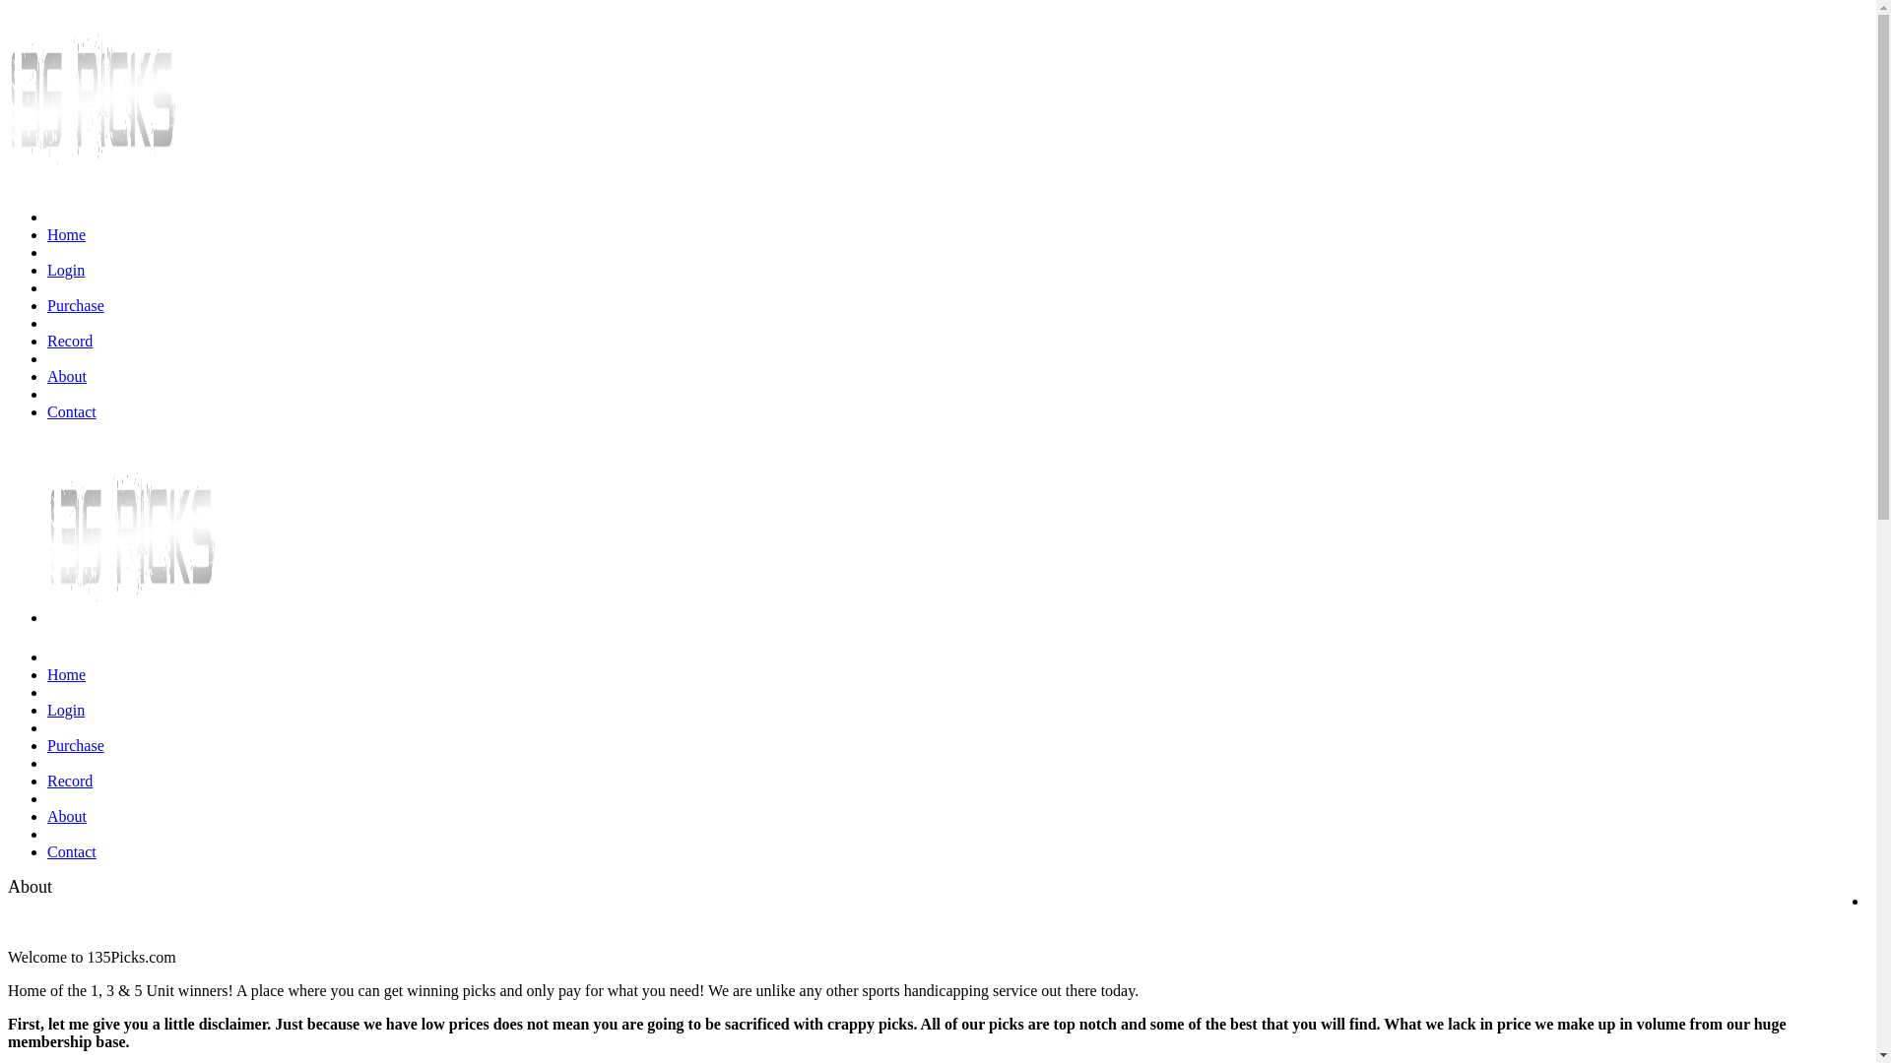 The height and width of the screenshot is (1063, 1891). What do you see at coordinates (66, 270) in the screenshot?
I see `'Login'` at bounding box center [66, 270].